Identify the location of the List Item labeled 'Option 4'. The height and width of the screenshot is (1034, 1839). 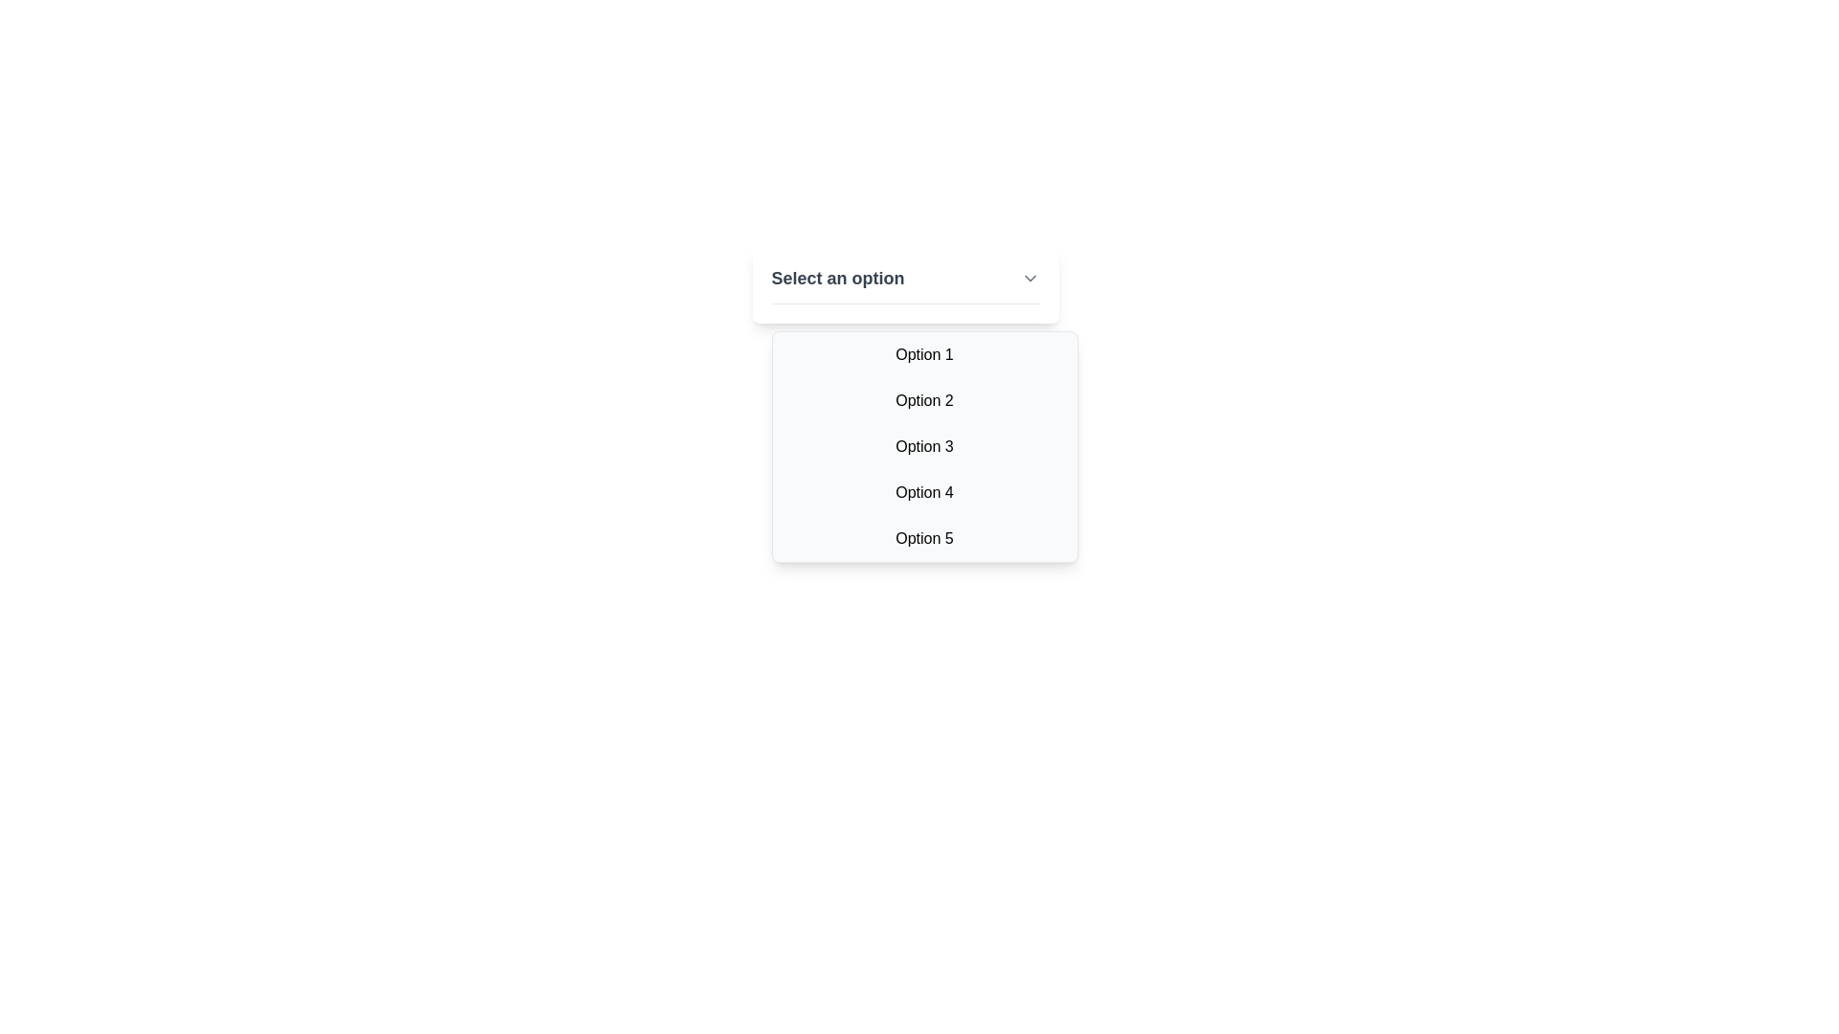
(924, 492).